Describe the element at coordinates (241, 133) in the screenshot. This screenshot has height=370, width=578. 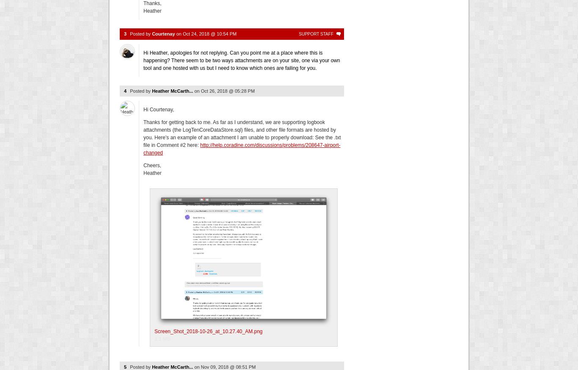
I see `'Thanks for getting back to me. As far as I understand, we are supporting logbook attachments (the LogTenCoreDataStore.sql) files, and other file formats are hosted by you. Here's an example of an attachment I am unable to properly download: See the .txt file in Comment #2 here:'` at that location.